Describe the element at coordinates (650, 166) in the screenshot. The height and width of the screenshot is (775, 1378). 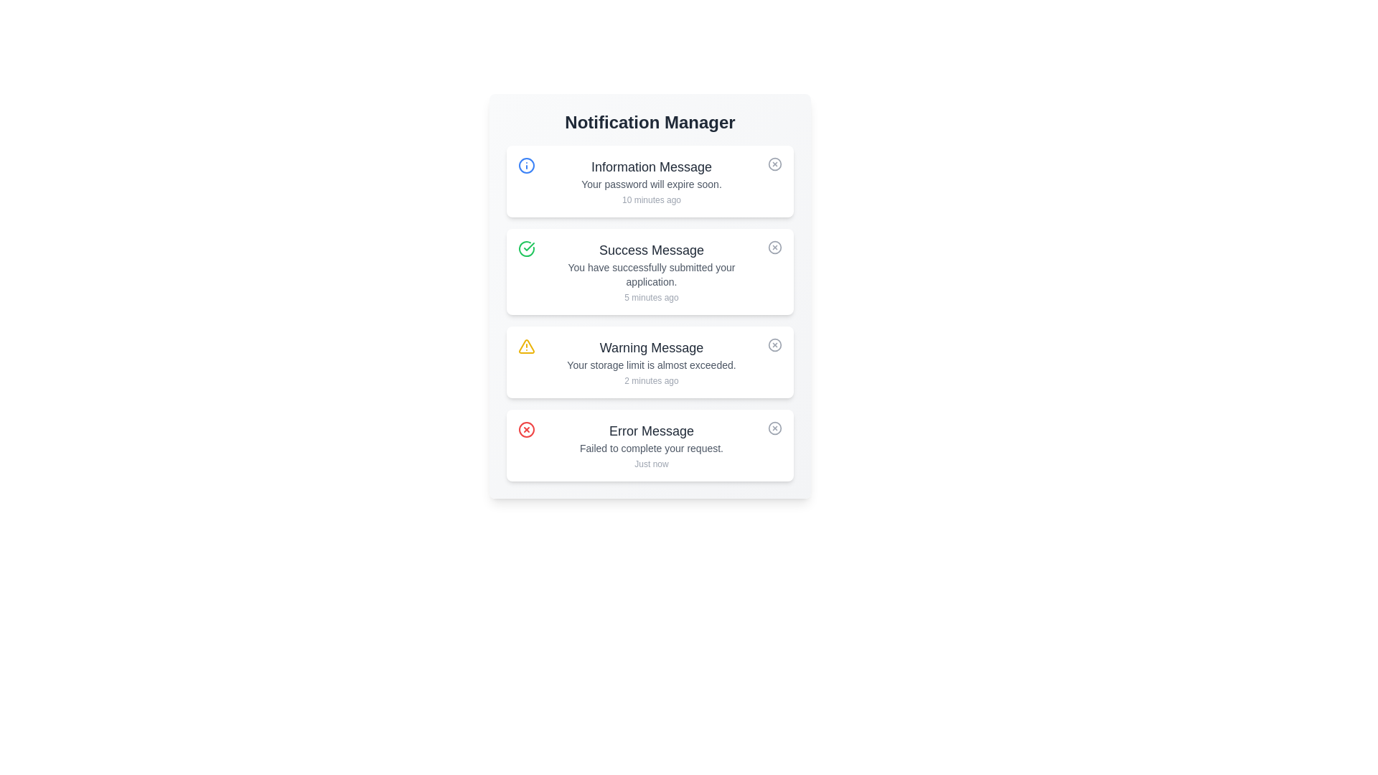
I see `the static text label that identifies the type of notification in the first notification card under the 'Notification Manager' heading` at that location.